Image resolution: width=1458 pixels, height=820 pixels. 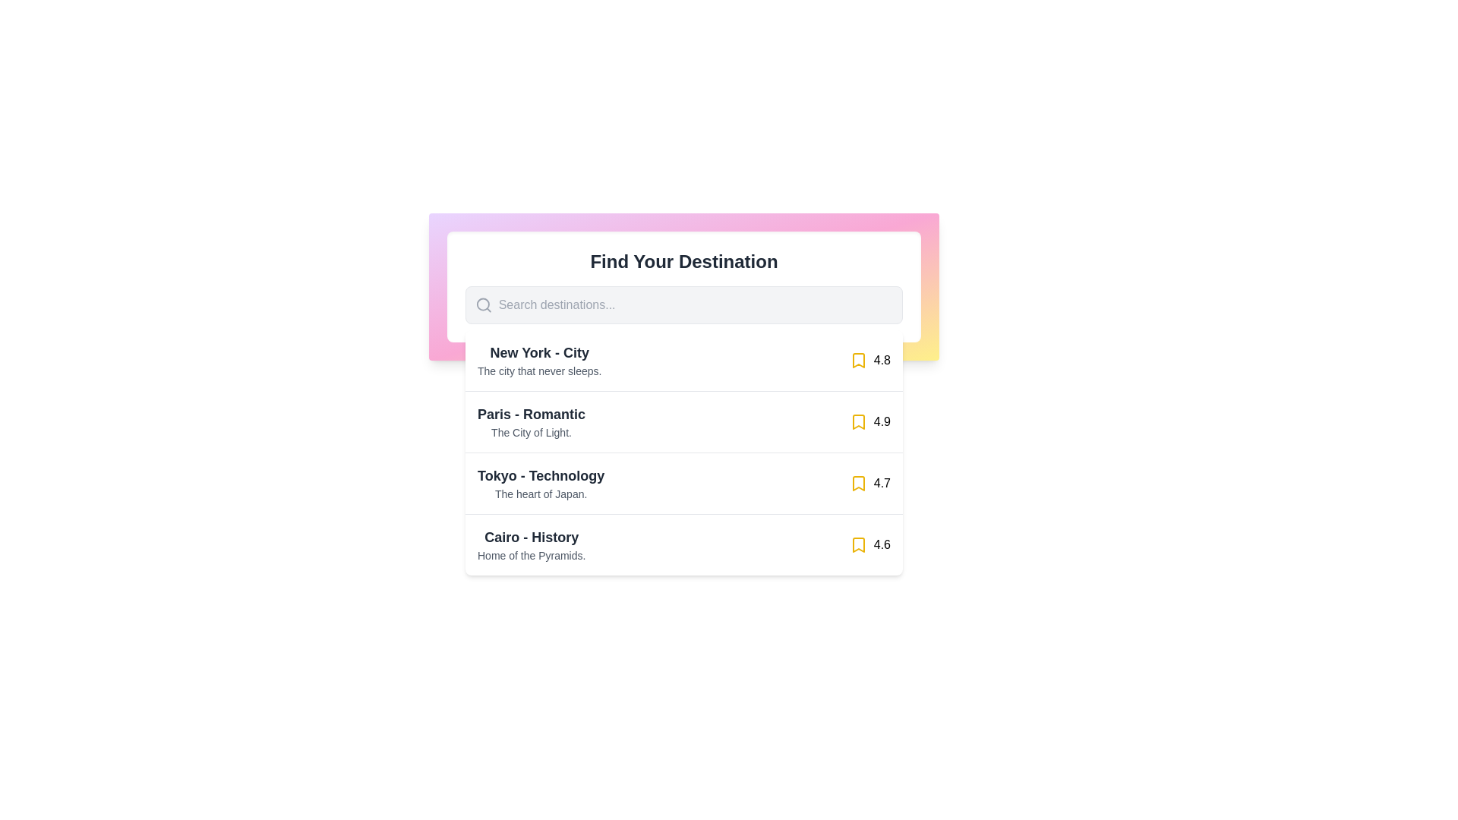 What do you see at coordinates (683, 260) in the screenshot?
I see `the Text label that serves as the title or heading for the user interface section, which introduces the purpose of the area dealing with destinations` at bounding box center [683, 260].